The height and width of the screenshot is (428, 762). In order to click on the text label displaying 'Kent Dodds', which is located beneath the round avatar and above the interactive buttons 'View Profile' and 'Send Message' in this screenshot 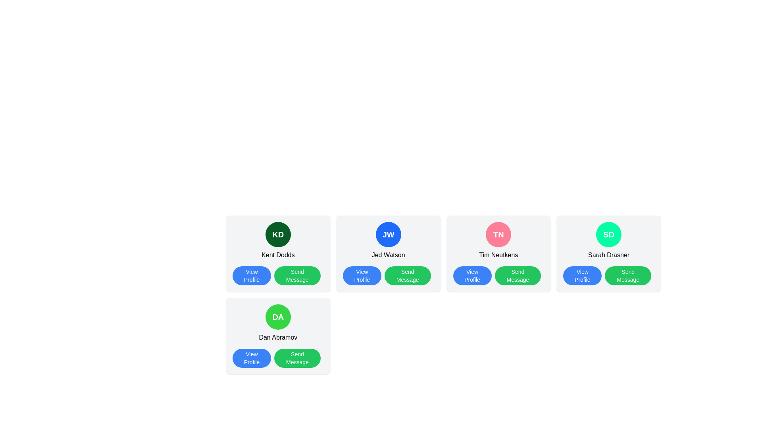, I will do `click(278, 255)`.